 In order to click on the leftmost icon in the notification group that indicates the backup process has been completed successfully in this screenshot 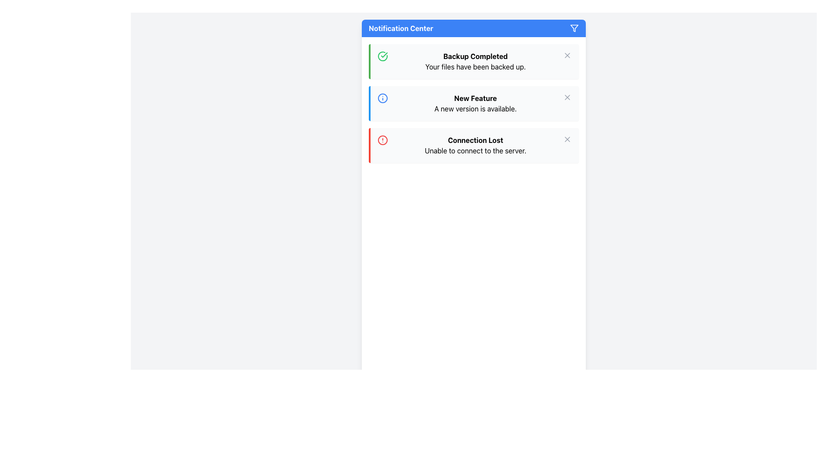, I will do `click(382, 56)`.